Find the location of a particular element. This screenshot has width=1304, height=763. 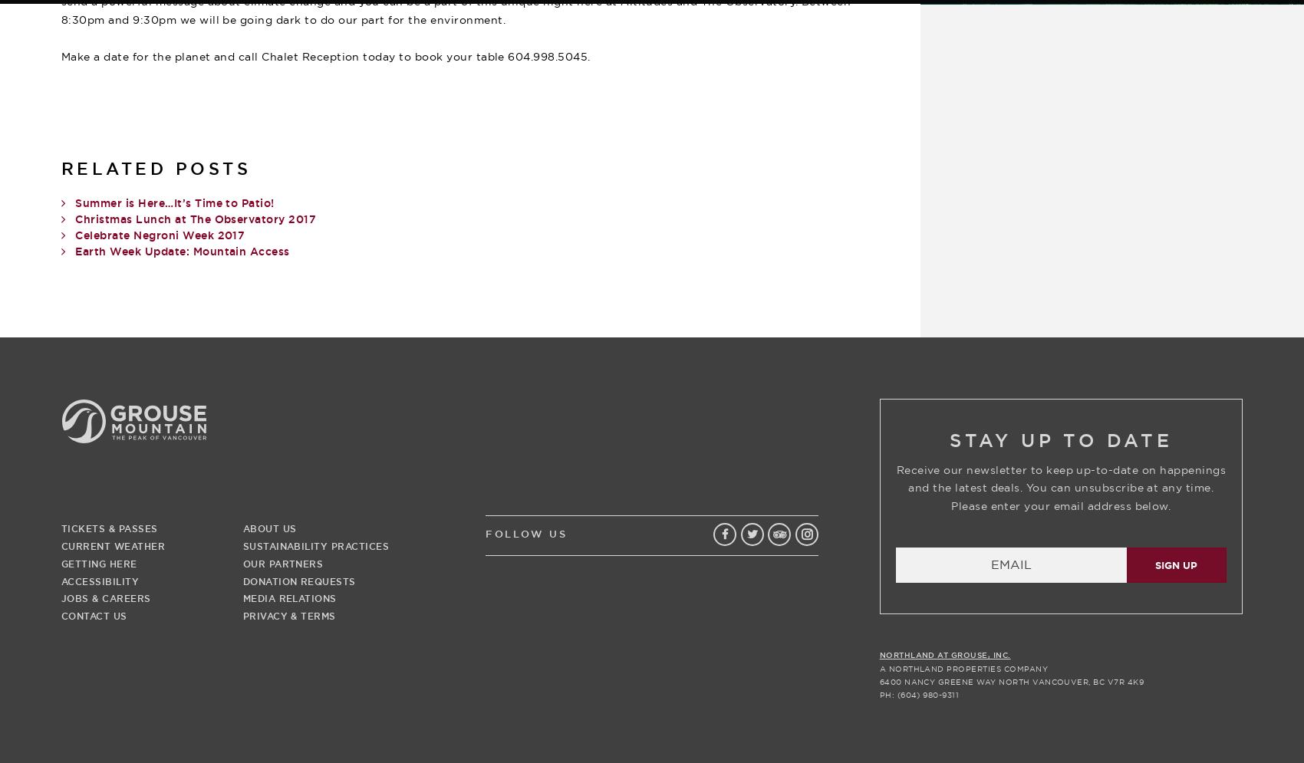

'Summer is Here…It’s Time to Patio!' is located at coordinates (174, 203).